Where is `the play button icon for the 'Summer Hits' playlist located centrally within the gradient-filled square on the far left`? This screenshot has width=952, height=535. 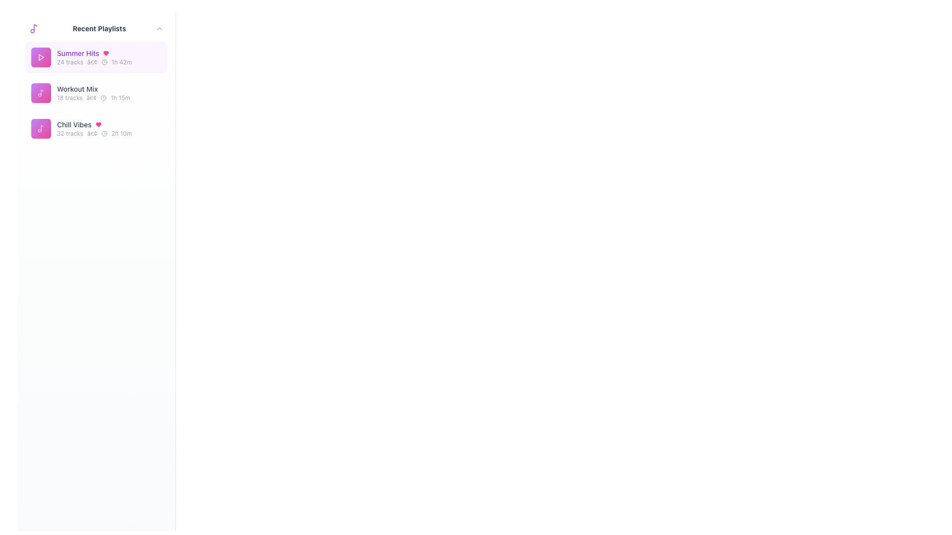 the play button icon for the 'Summer Hits' playlist located centrally within the gradient-filled square on the far left is located at coordinates (40, 57).